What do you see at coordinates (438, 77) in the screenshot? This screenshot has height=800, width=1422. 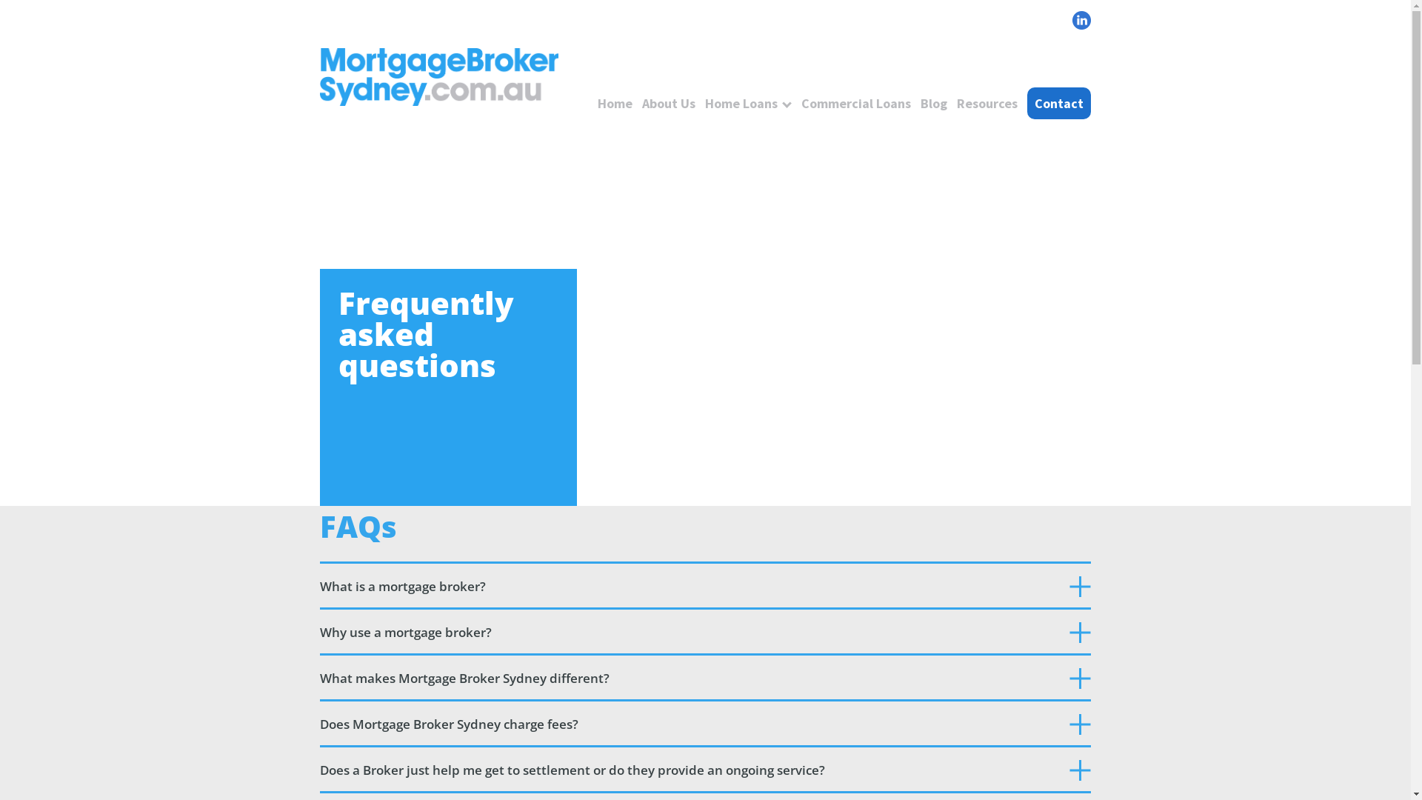 I see `'logo'` at bounding box center [438, 77].